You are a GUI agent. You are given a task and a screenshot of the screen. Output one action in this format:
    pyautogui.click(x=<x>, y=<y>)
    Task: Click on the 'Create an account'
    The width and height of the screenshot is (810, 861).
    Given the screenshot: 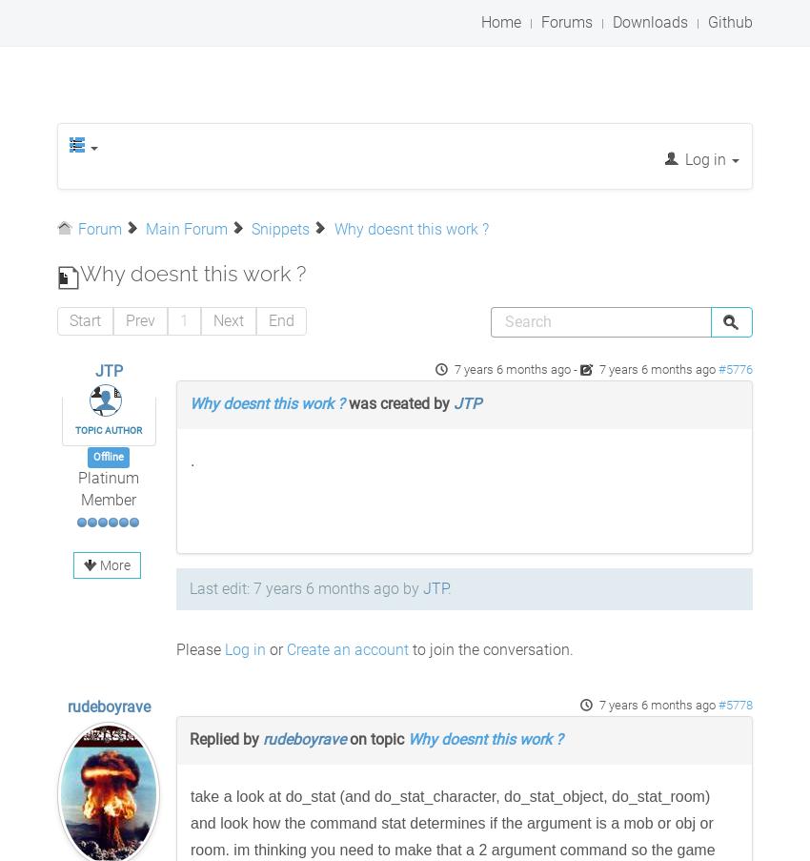 What is the action you would take?
    pyautogui.click(x=346, y=648)
    